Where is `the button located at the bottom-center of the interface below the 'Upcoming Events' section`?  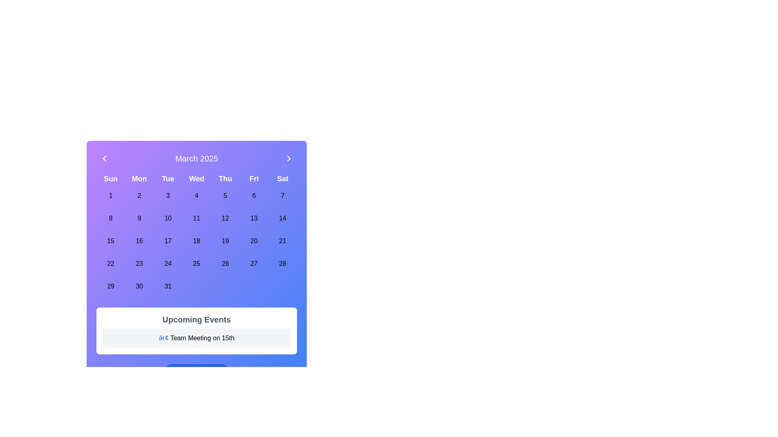 the button located at the bottom-center of the interface below the 'Upcoming Events' section is located at coordinates (197, 374).